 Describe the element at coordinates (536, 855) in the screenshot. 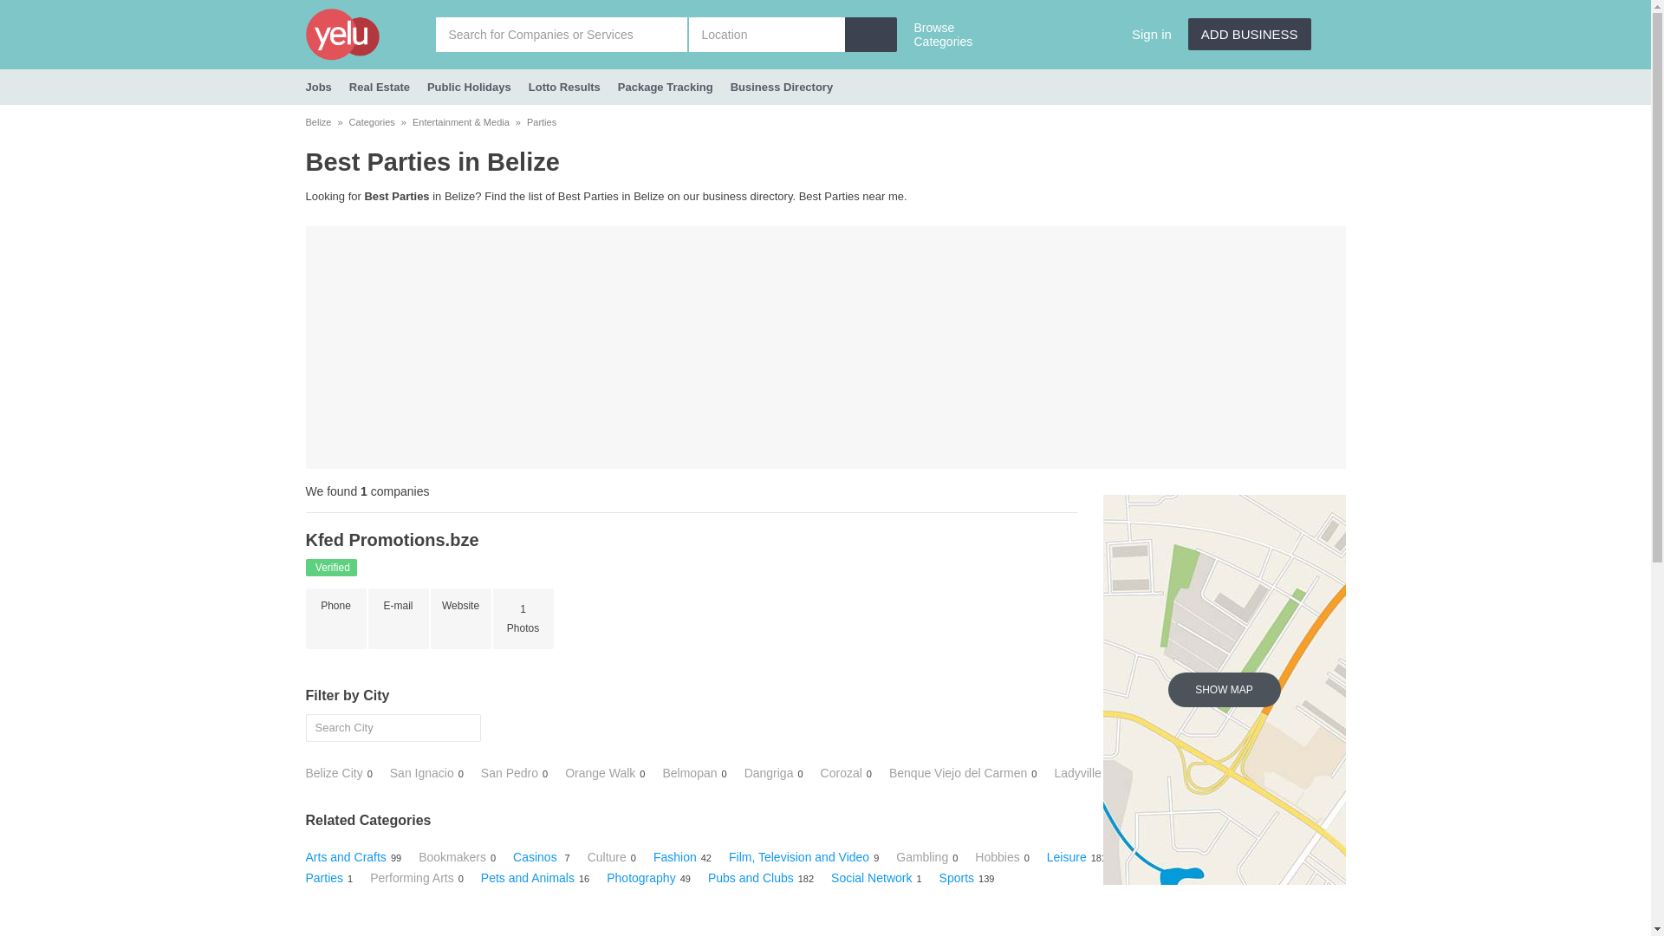

I see `'Casinos'` at that location.